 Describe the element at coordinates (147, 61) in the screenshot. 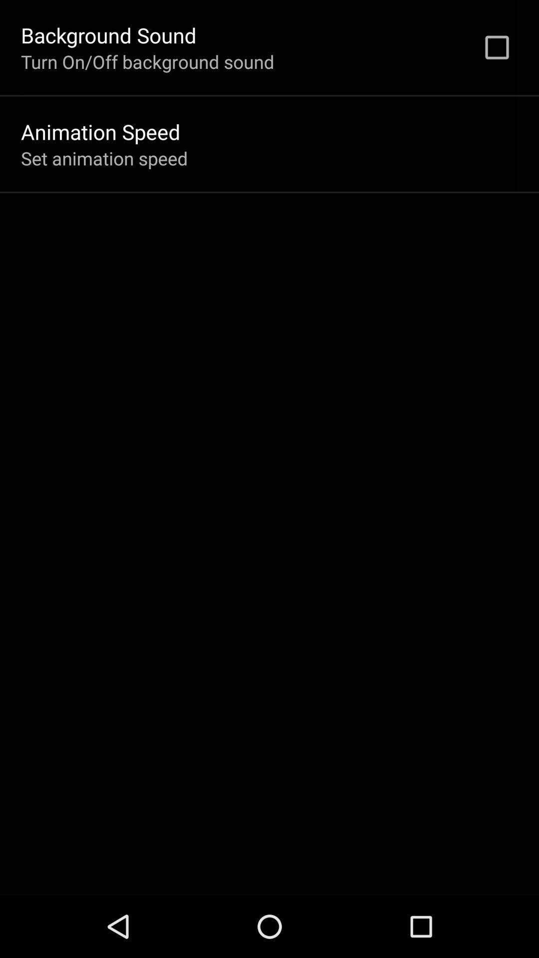

I see `the item above the animation speed item` at that location.